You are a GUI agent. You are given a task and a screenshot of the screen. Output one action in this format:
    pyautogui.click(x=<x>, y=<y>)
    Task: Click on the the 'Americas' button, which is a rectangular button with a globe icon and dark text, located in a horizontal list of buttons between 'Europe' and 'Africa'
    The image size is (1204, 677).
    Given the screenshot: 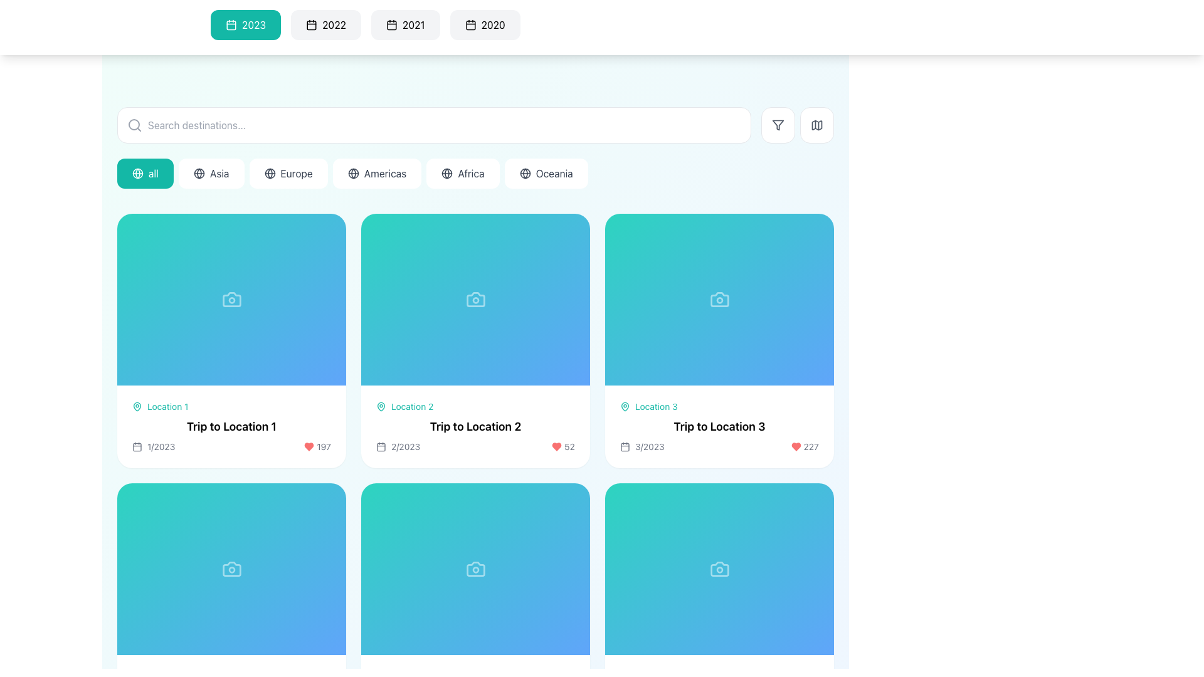 What is the action you would take?
    pyautogui.click(x=376, y=174)
    